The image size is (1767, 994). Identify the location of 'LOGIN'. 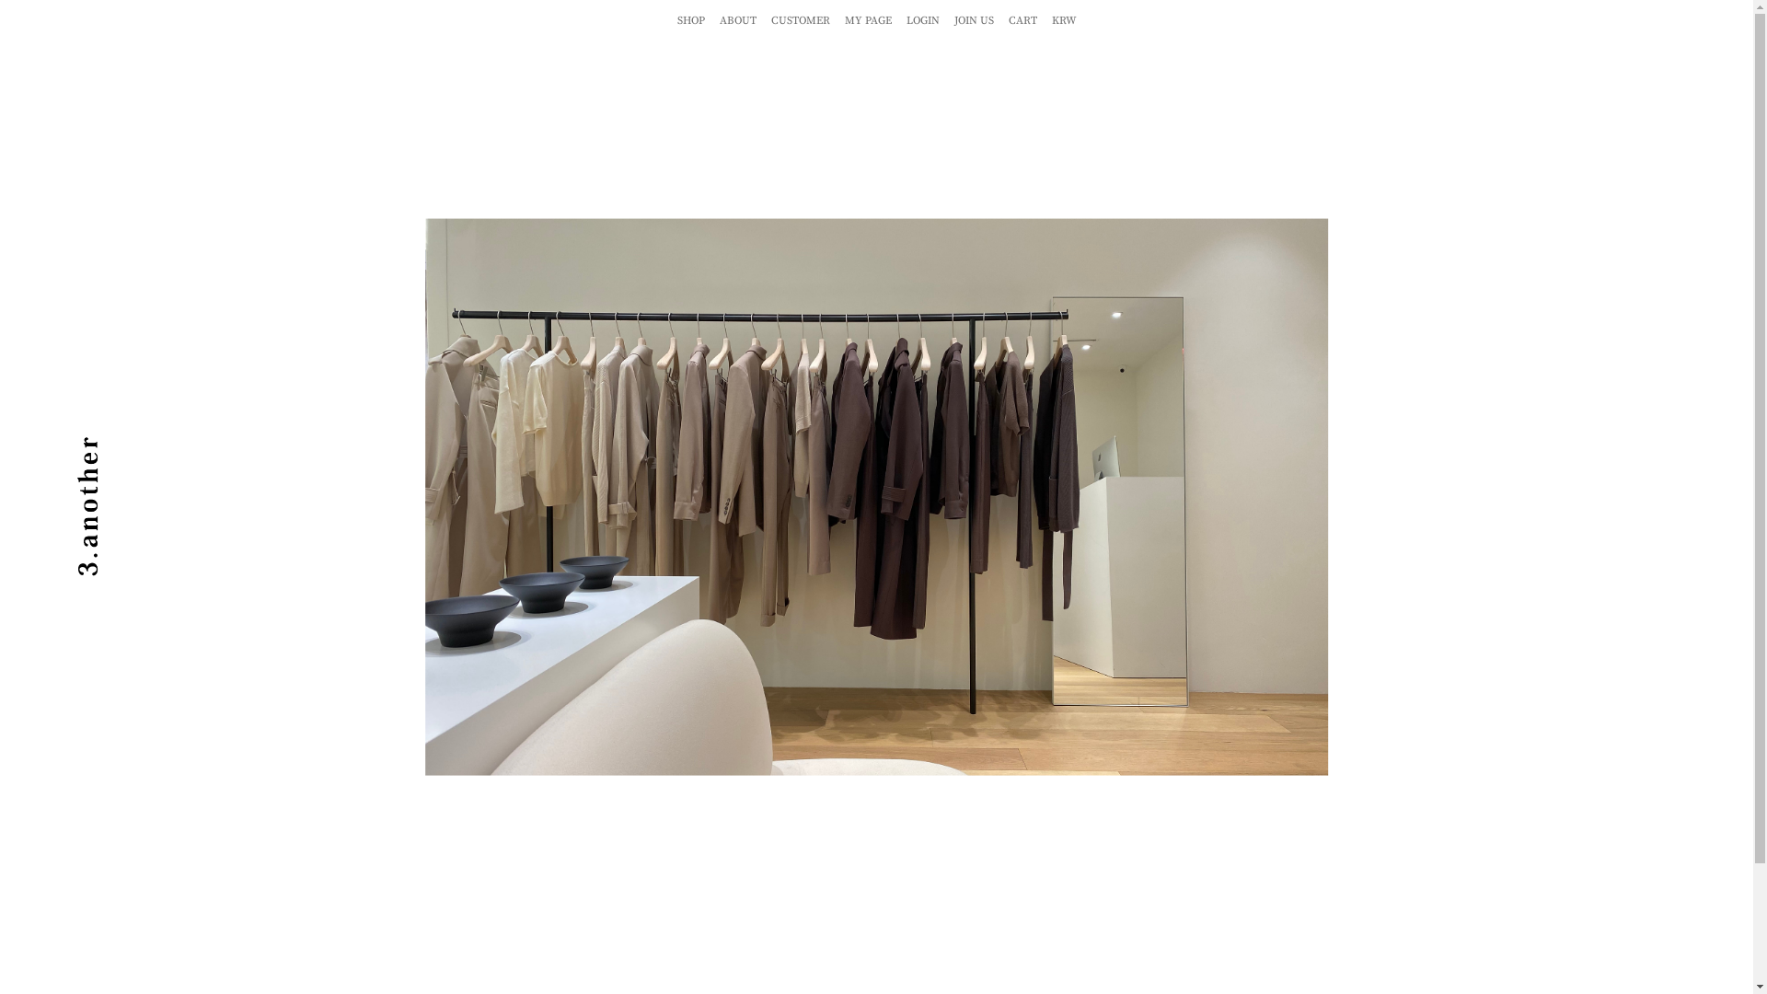
(922, 20).